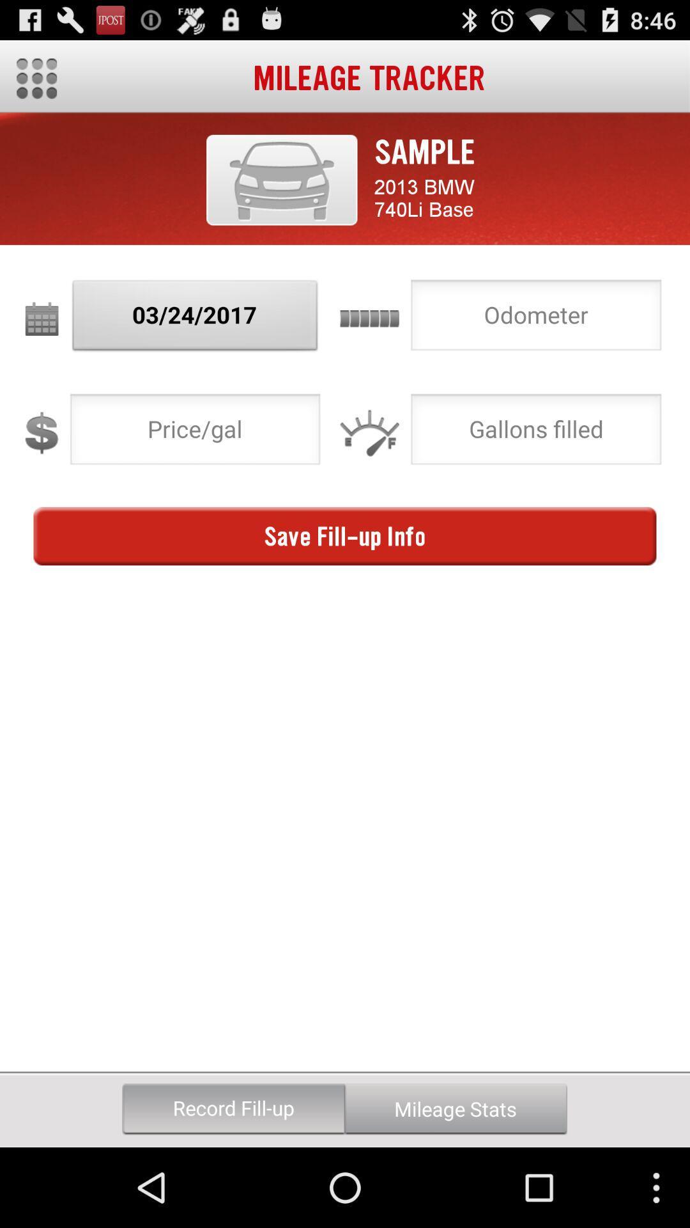  Describe the element at coordinates (195, 433) in the screenshot. I see `price per gallon` at that location.